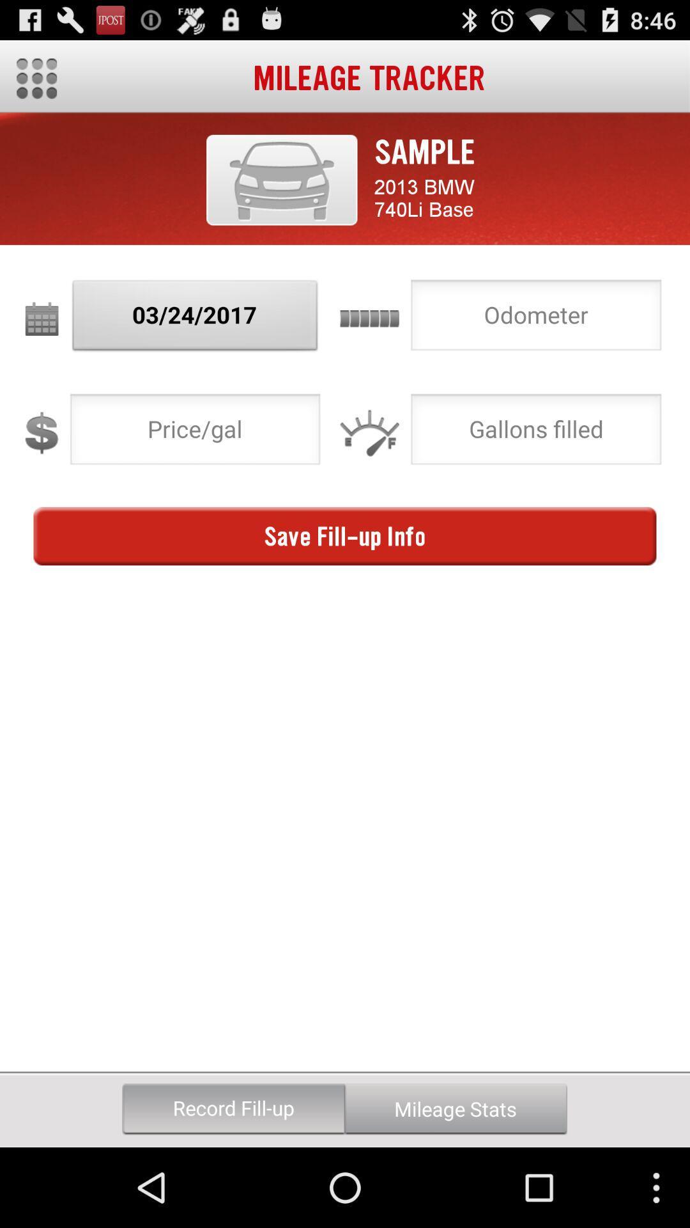  Describe the element at coordinates (195, 433) in the screenshot. I see `price per gallon` at that location.